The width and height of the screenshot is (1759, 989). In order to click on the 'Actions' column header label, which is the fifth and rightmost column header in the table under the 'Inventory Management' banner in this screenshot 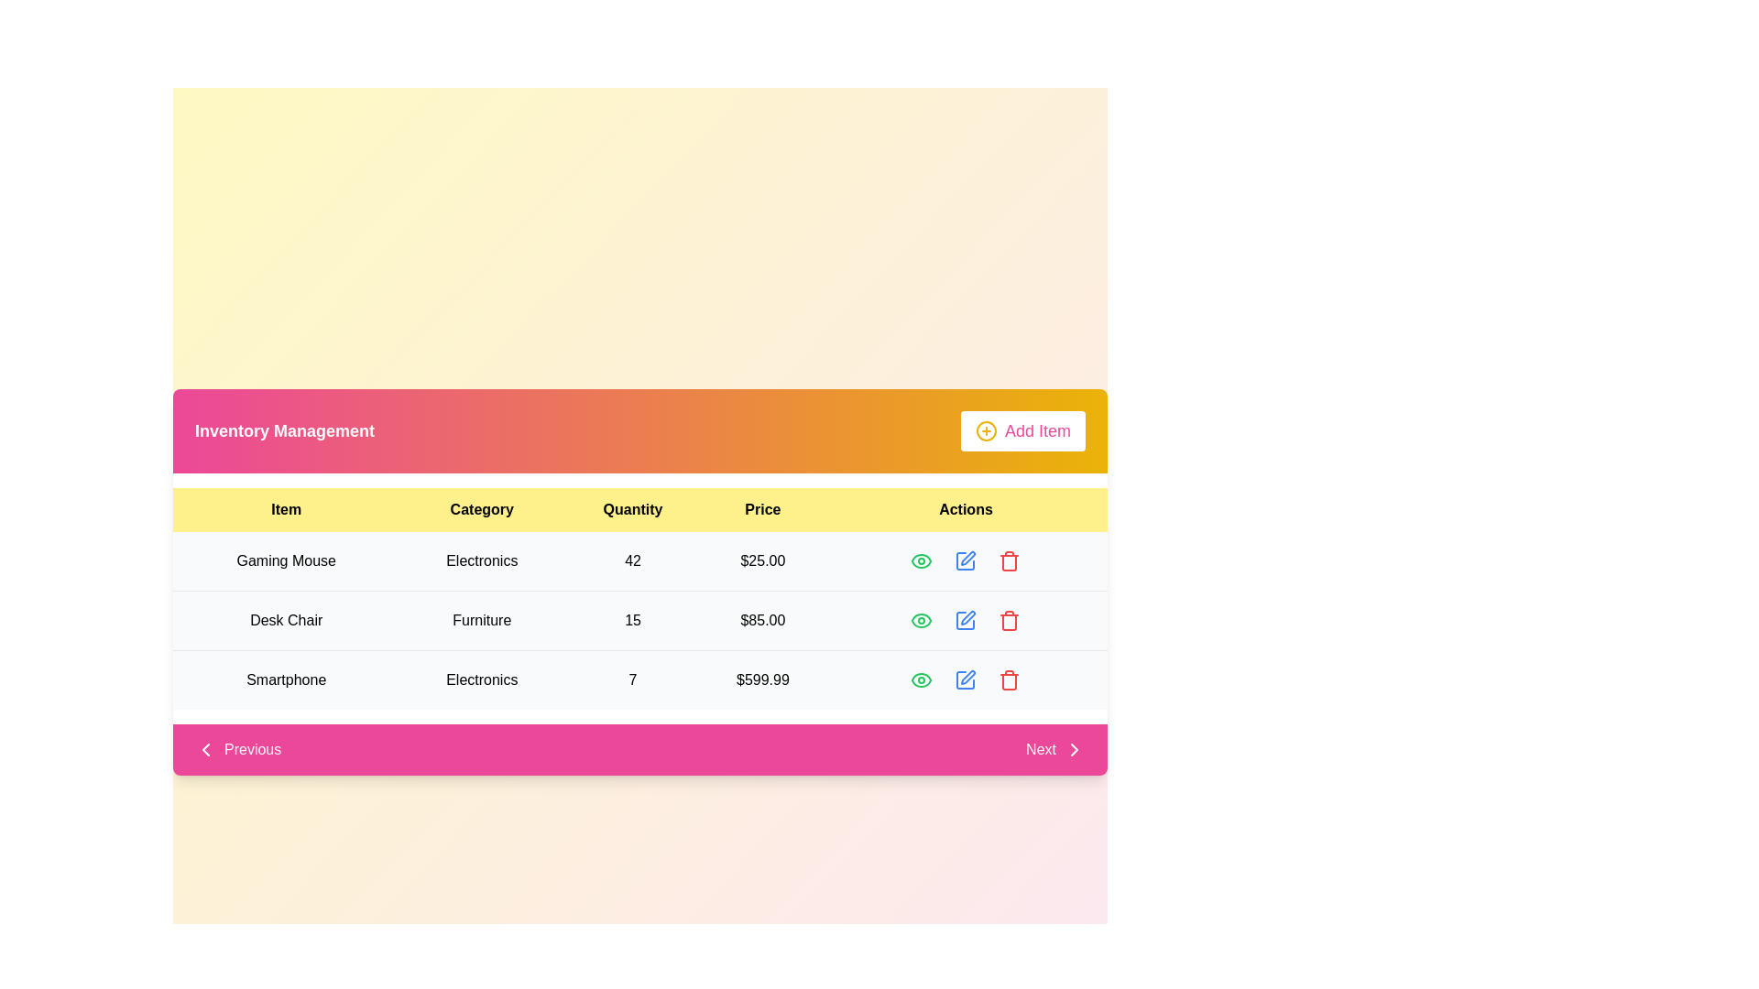, I will do `click(965, 509)`.